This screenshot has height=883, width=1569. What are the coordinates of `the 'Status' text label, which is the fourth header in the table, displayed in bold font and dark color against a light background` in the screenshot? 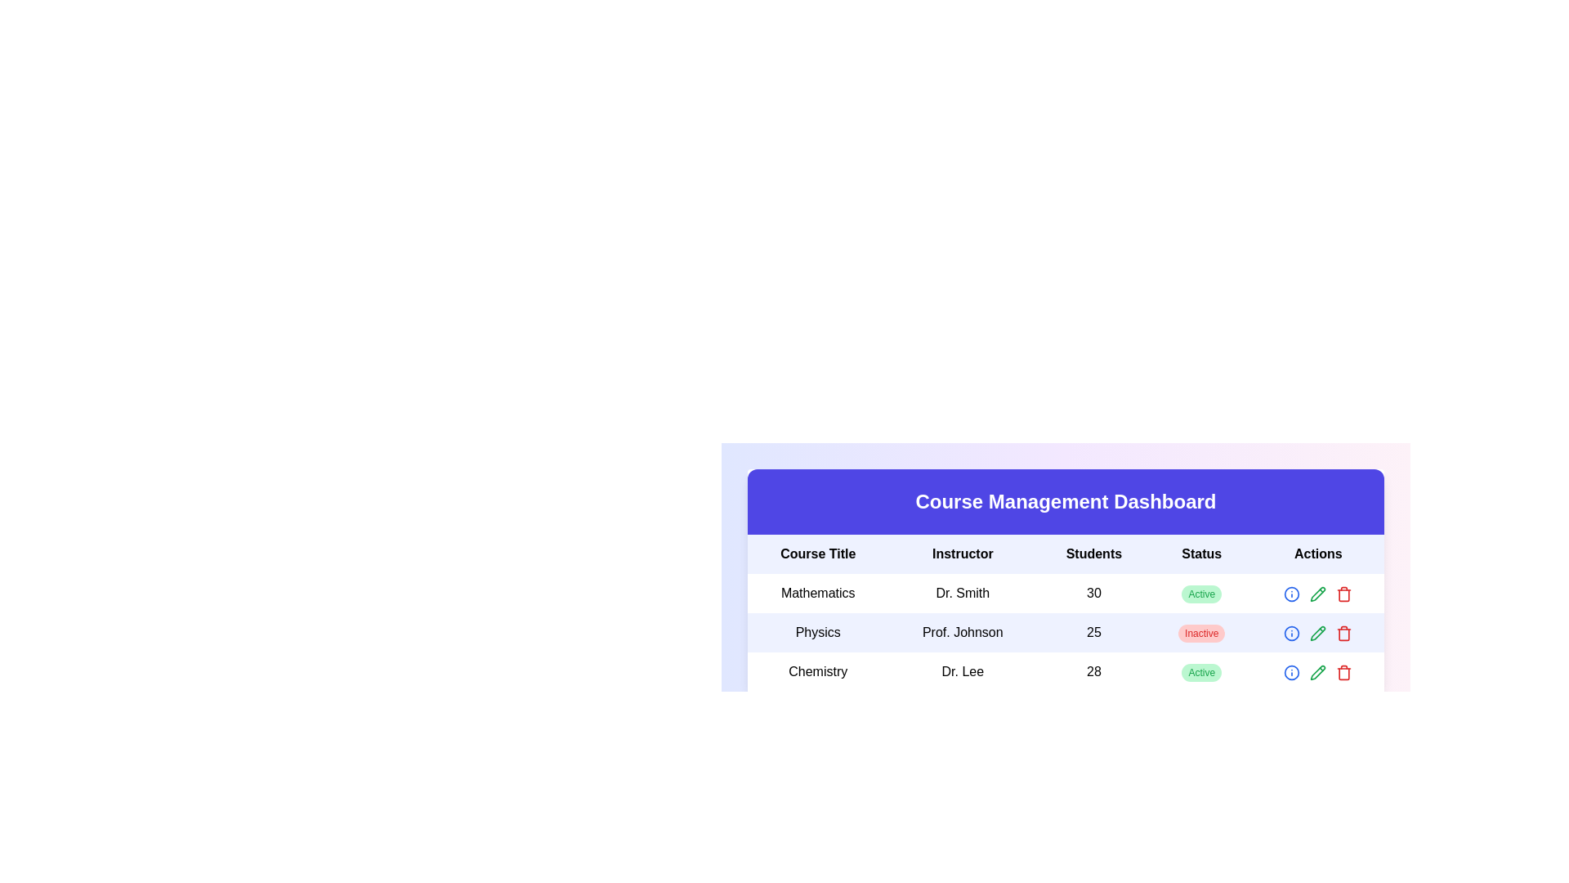 It's located at (1201, 554).